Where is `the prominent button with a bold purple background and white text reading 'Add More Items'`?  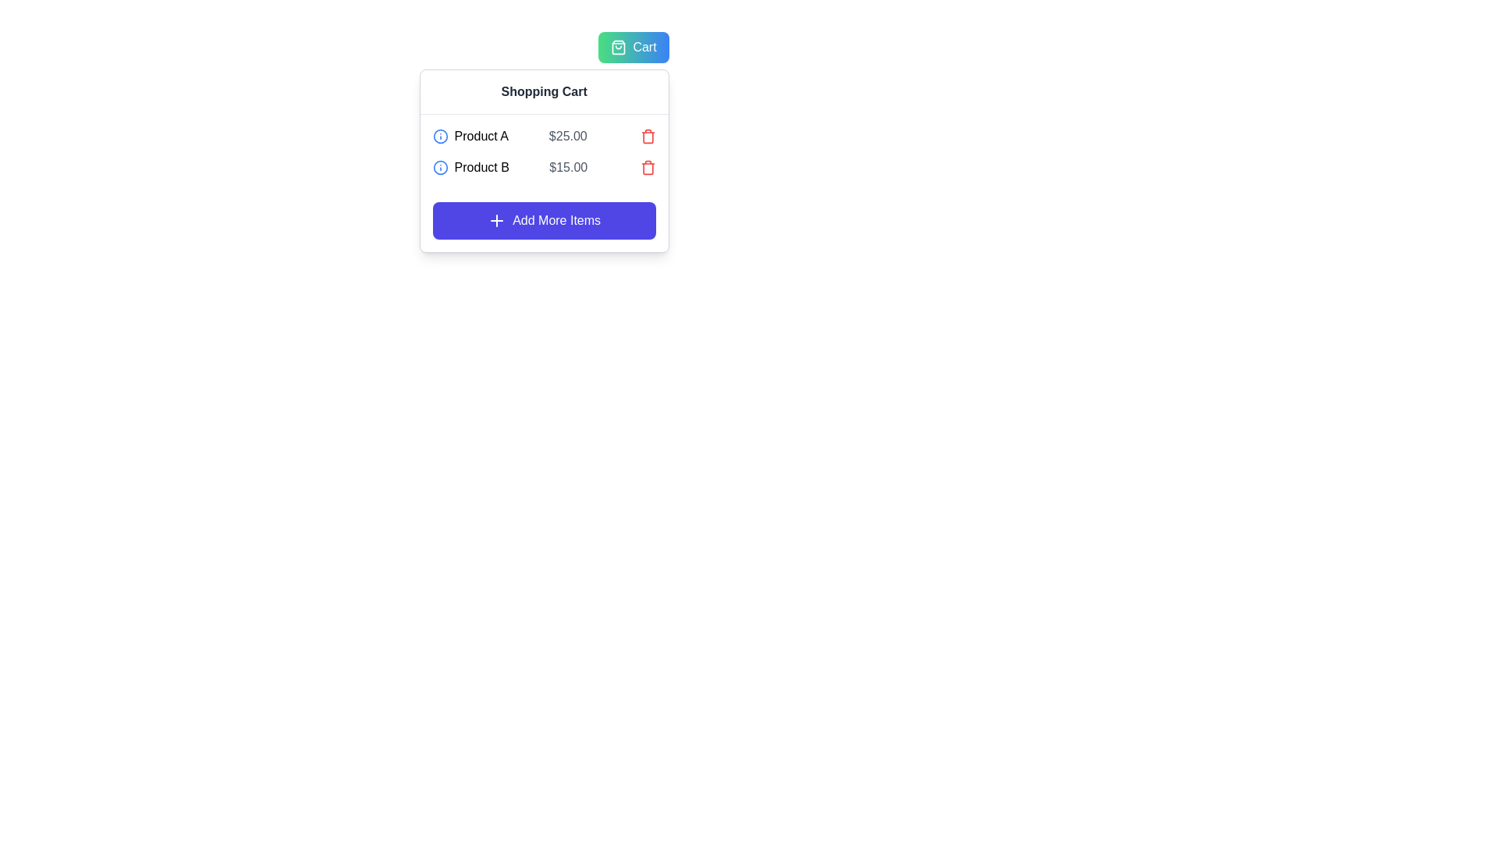
the prominent button with a bold purple background and white text reading 'Add More Items' is located at coordinates (544, 220).